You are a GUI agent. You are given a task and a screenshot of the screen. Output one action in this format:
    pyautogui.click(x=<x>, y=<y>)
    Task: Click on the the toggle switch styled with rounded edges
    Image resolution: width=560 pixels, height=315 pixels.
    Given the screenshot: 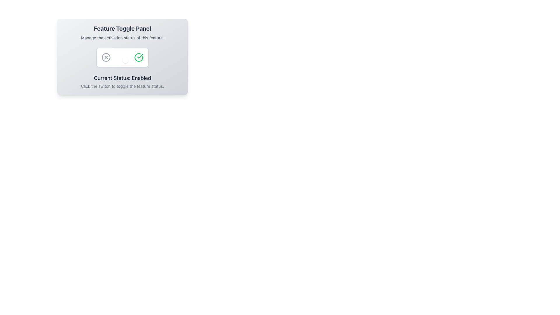 What is the action you would take?
    pyautogui.click(x=122, y=57)
    